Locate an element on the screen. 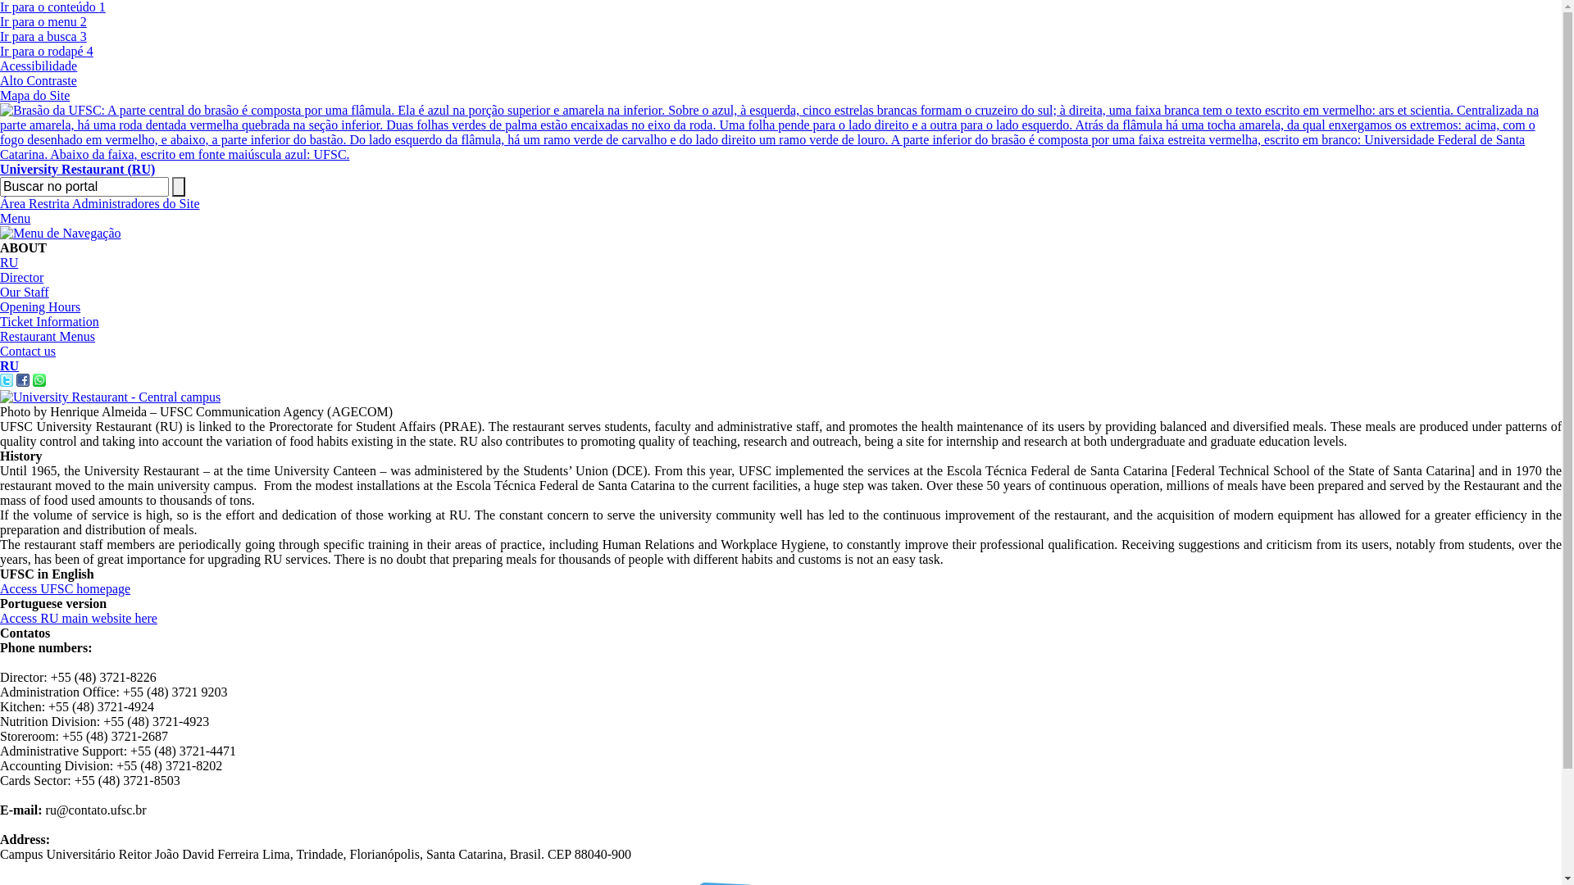 The height and width of the screenshot is (885, 1574). 'Alto Contraste' is located at coordinates (0, 80).